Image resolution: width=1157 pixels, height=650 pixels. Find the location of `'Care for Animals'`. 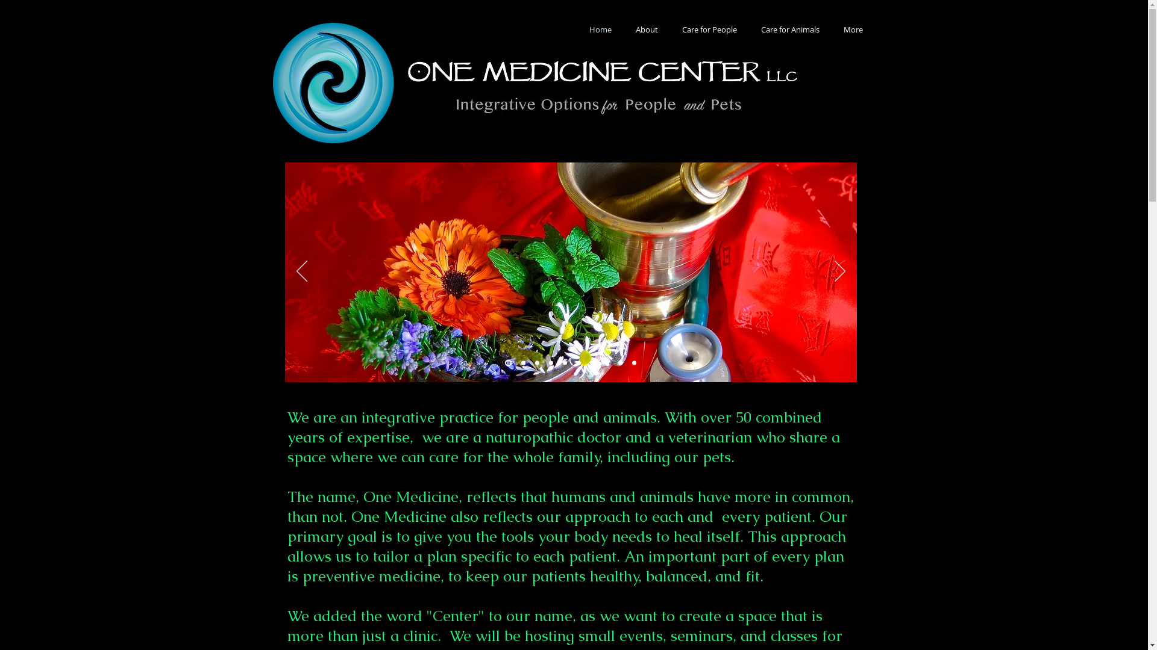

'Care for Animals' is located at coordinates (789, 29).